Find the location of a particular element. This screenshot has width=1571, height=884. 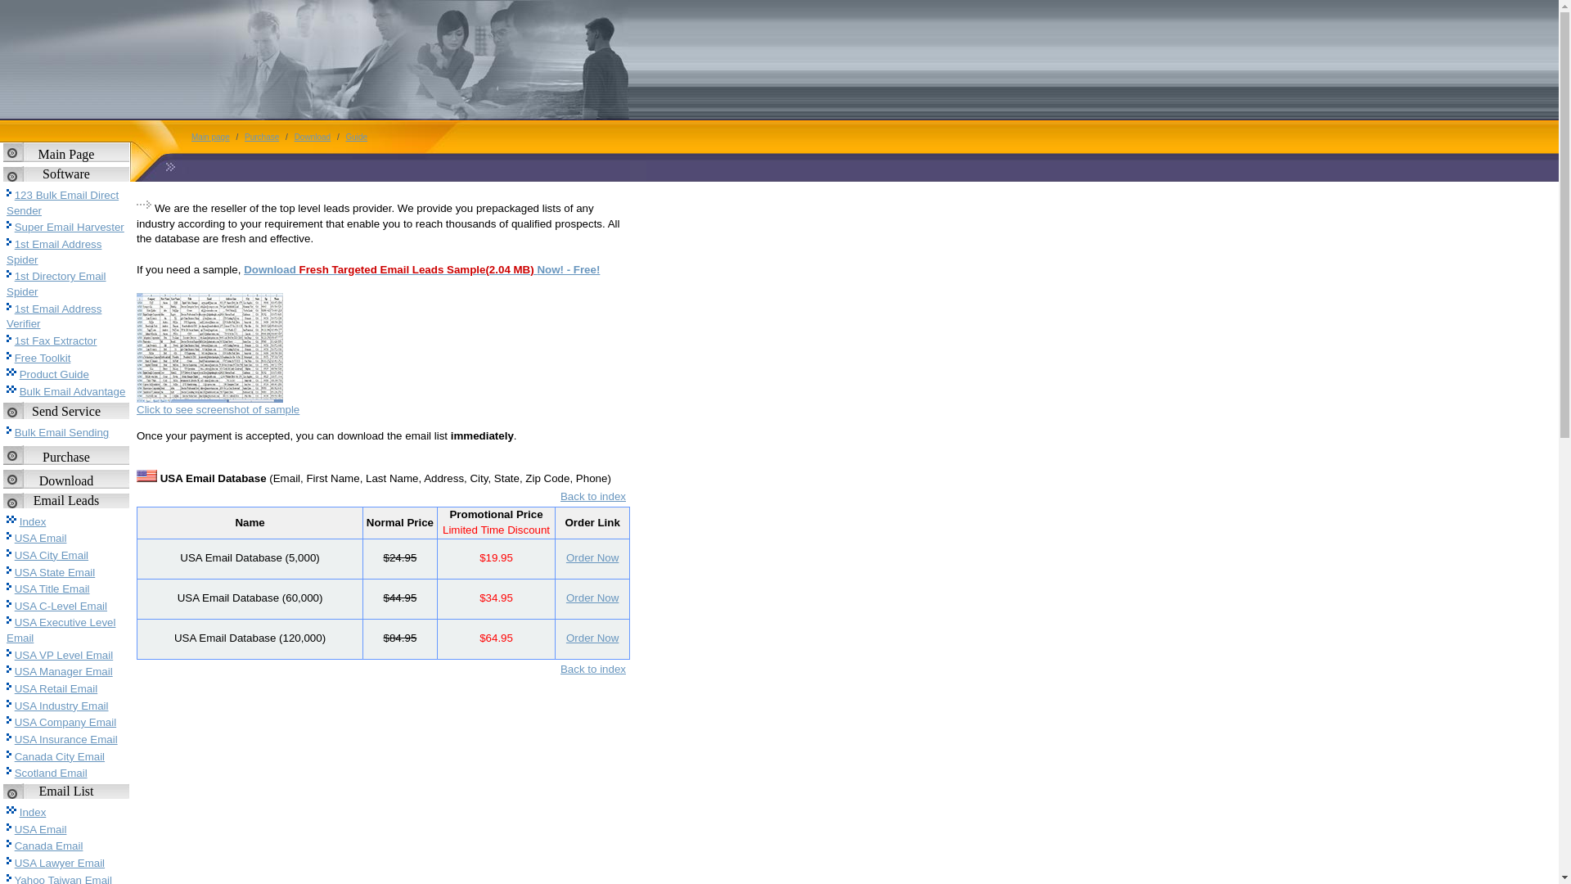

'1st Directory Email Spider' is located at coordinates (56, 283).